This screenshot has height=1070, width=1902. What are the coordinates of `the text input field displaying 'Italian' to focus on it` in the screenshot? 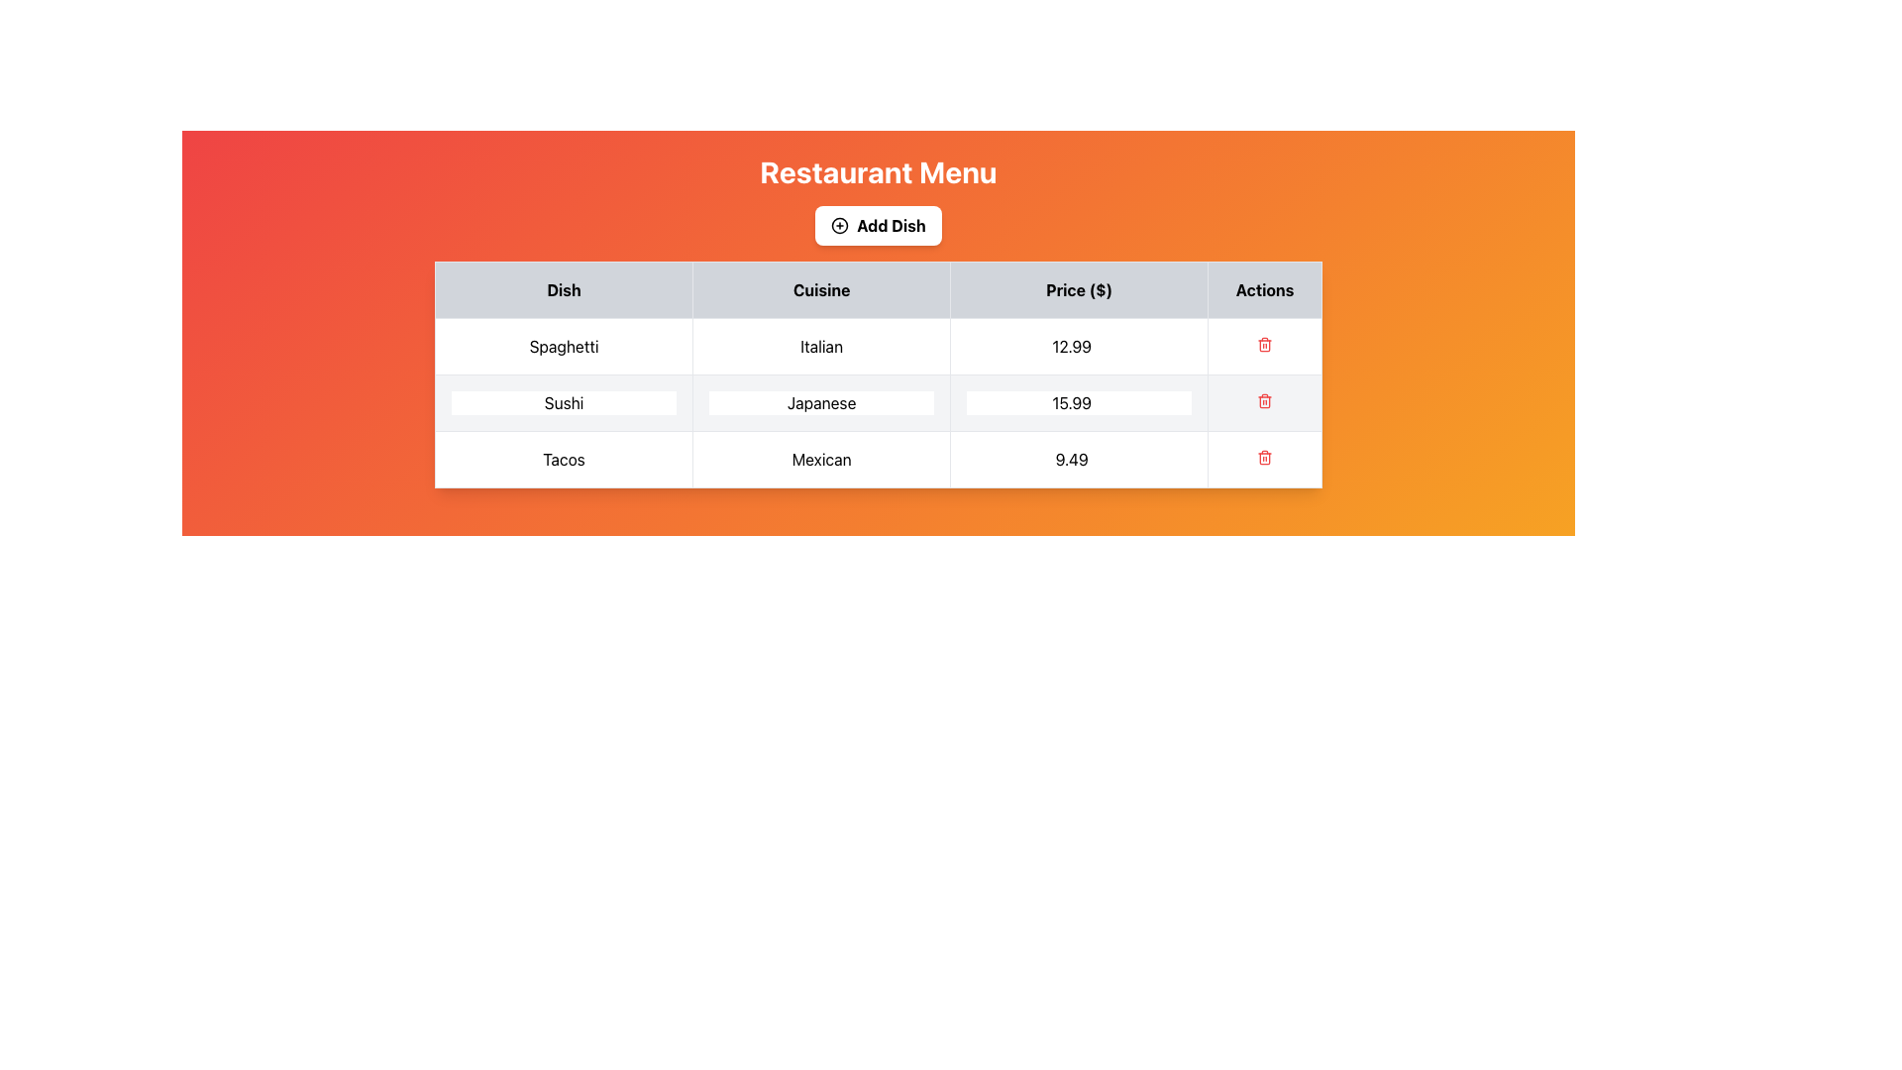 It's located at (821, 346).